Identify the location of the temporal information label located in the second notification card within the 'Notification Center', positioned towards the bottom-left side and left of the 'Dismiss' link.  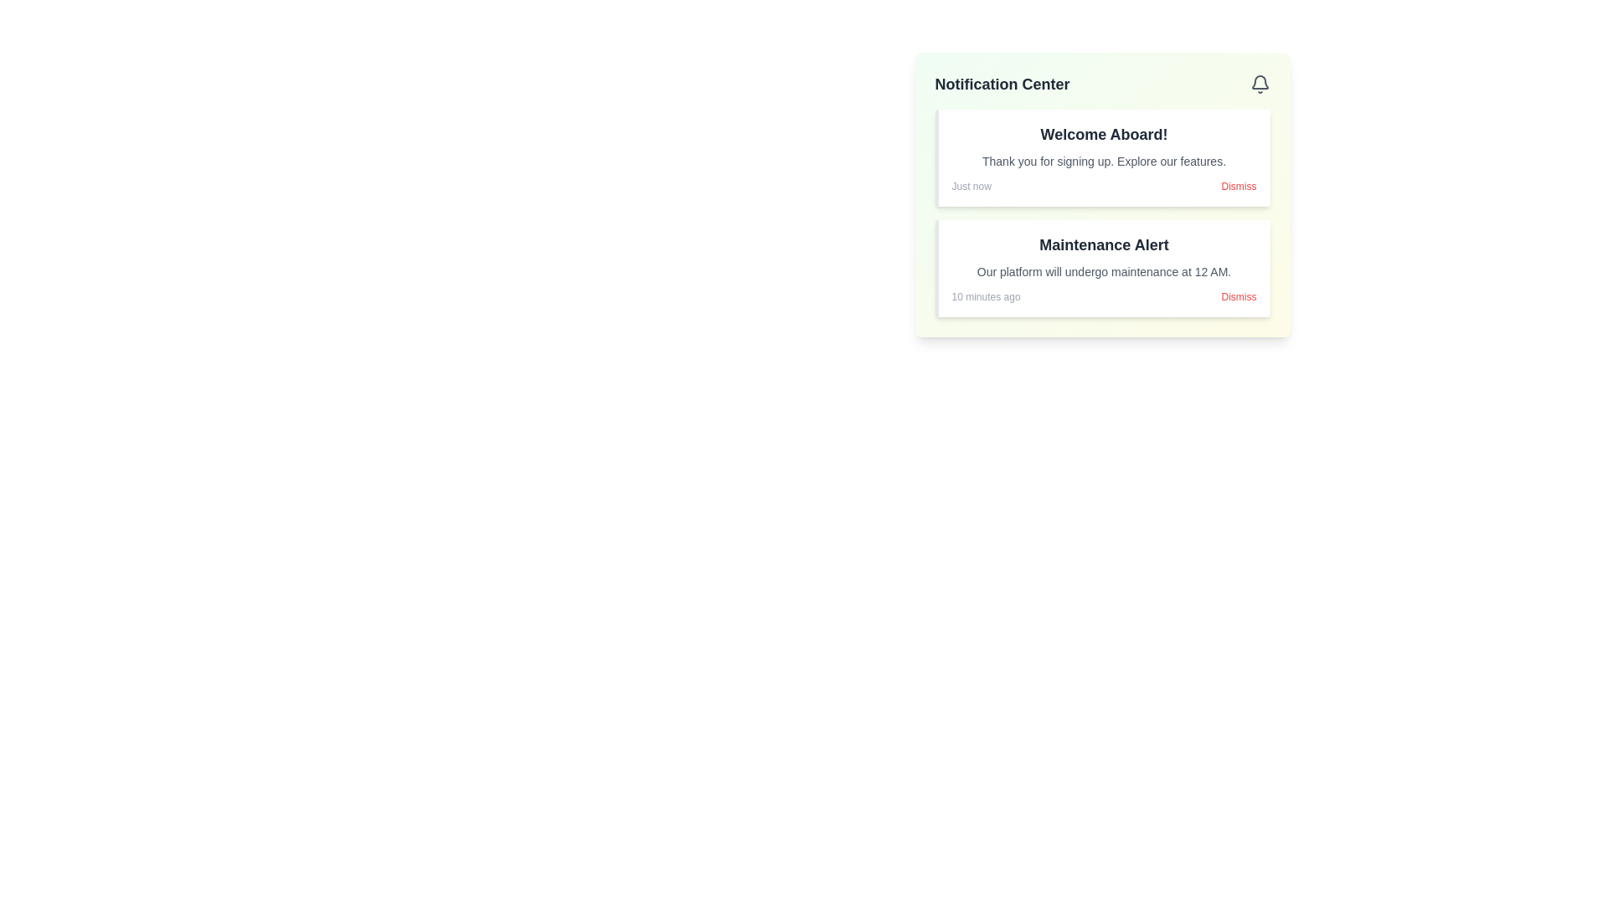
(986, 295).